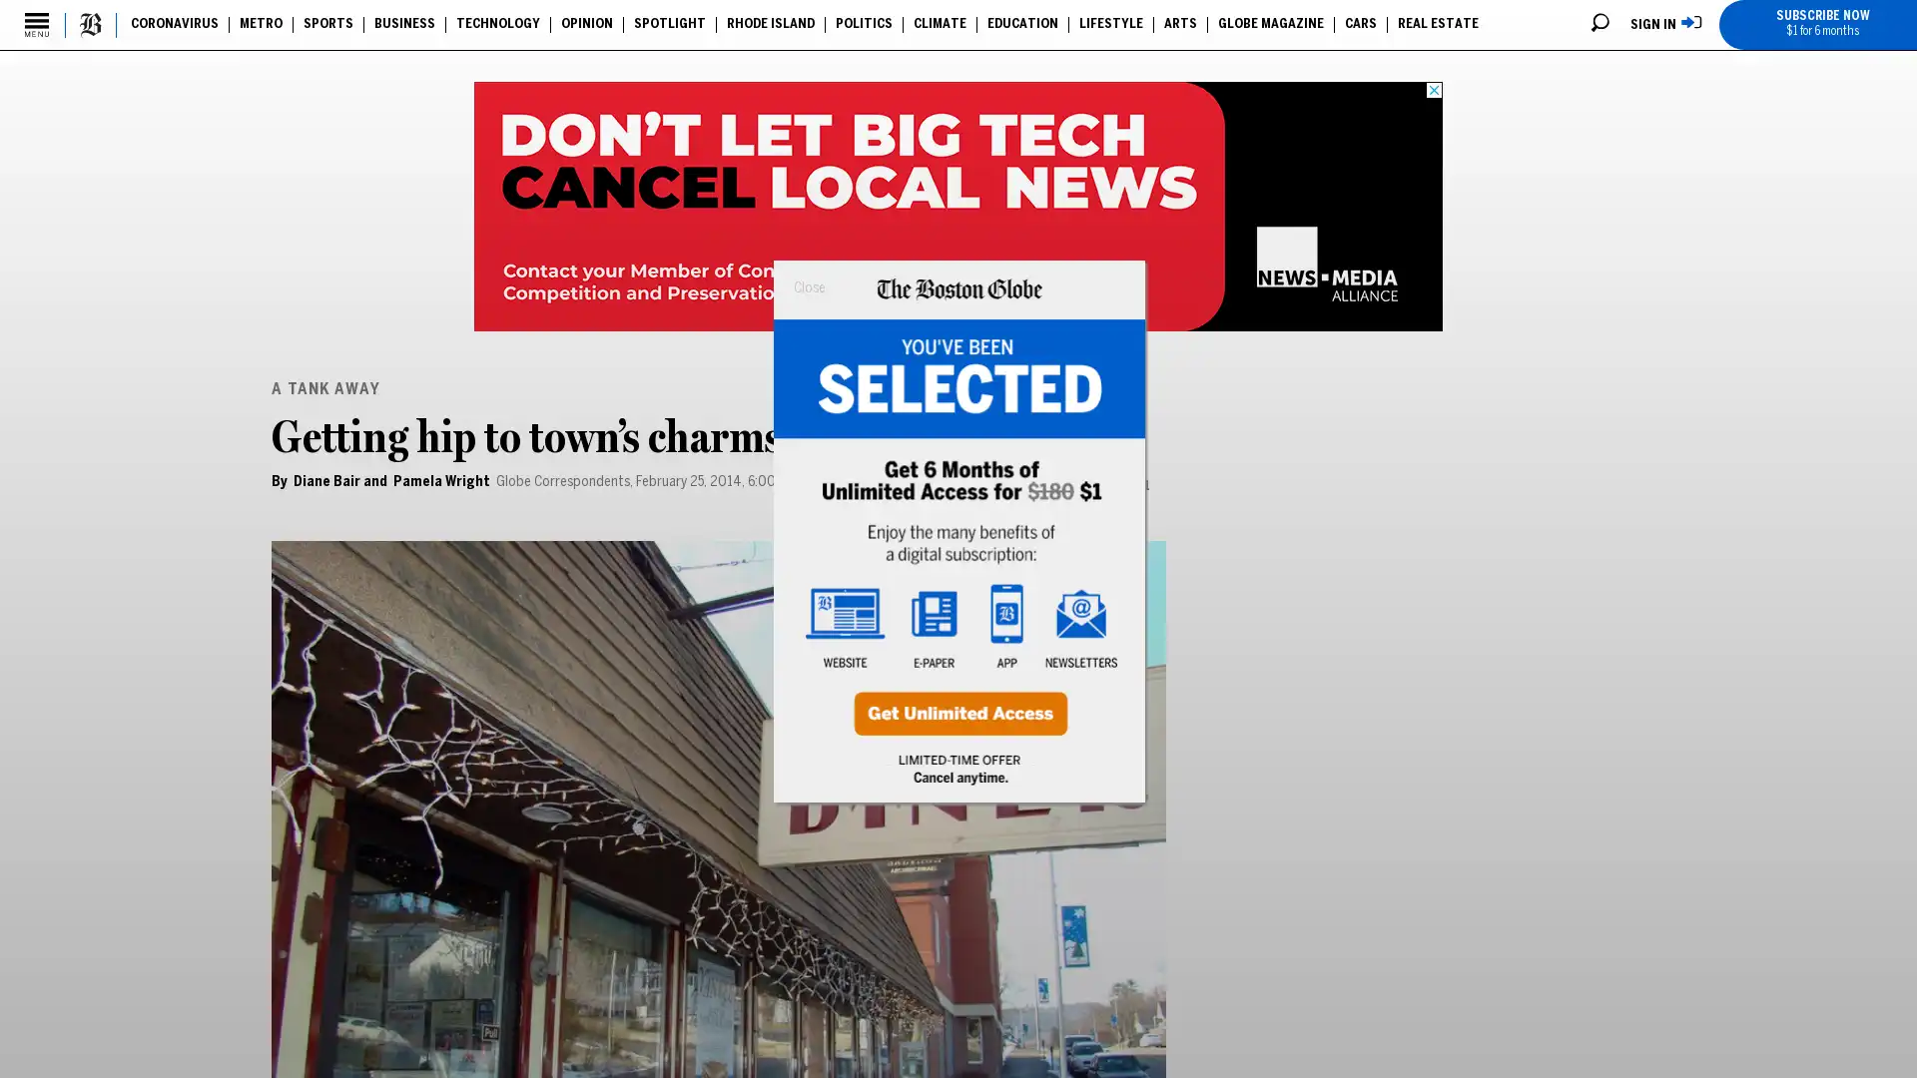  I want to click on Email to a Friend, so click(967, 486).